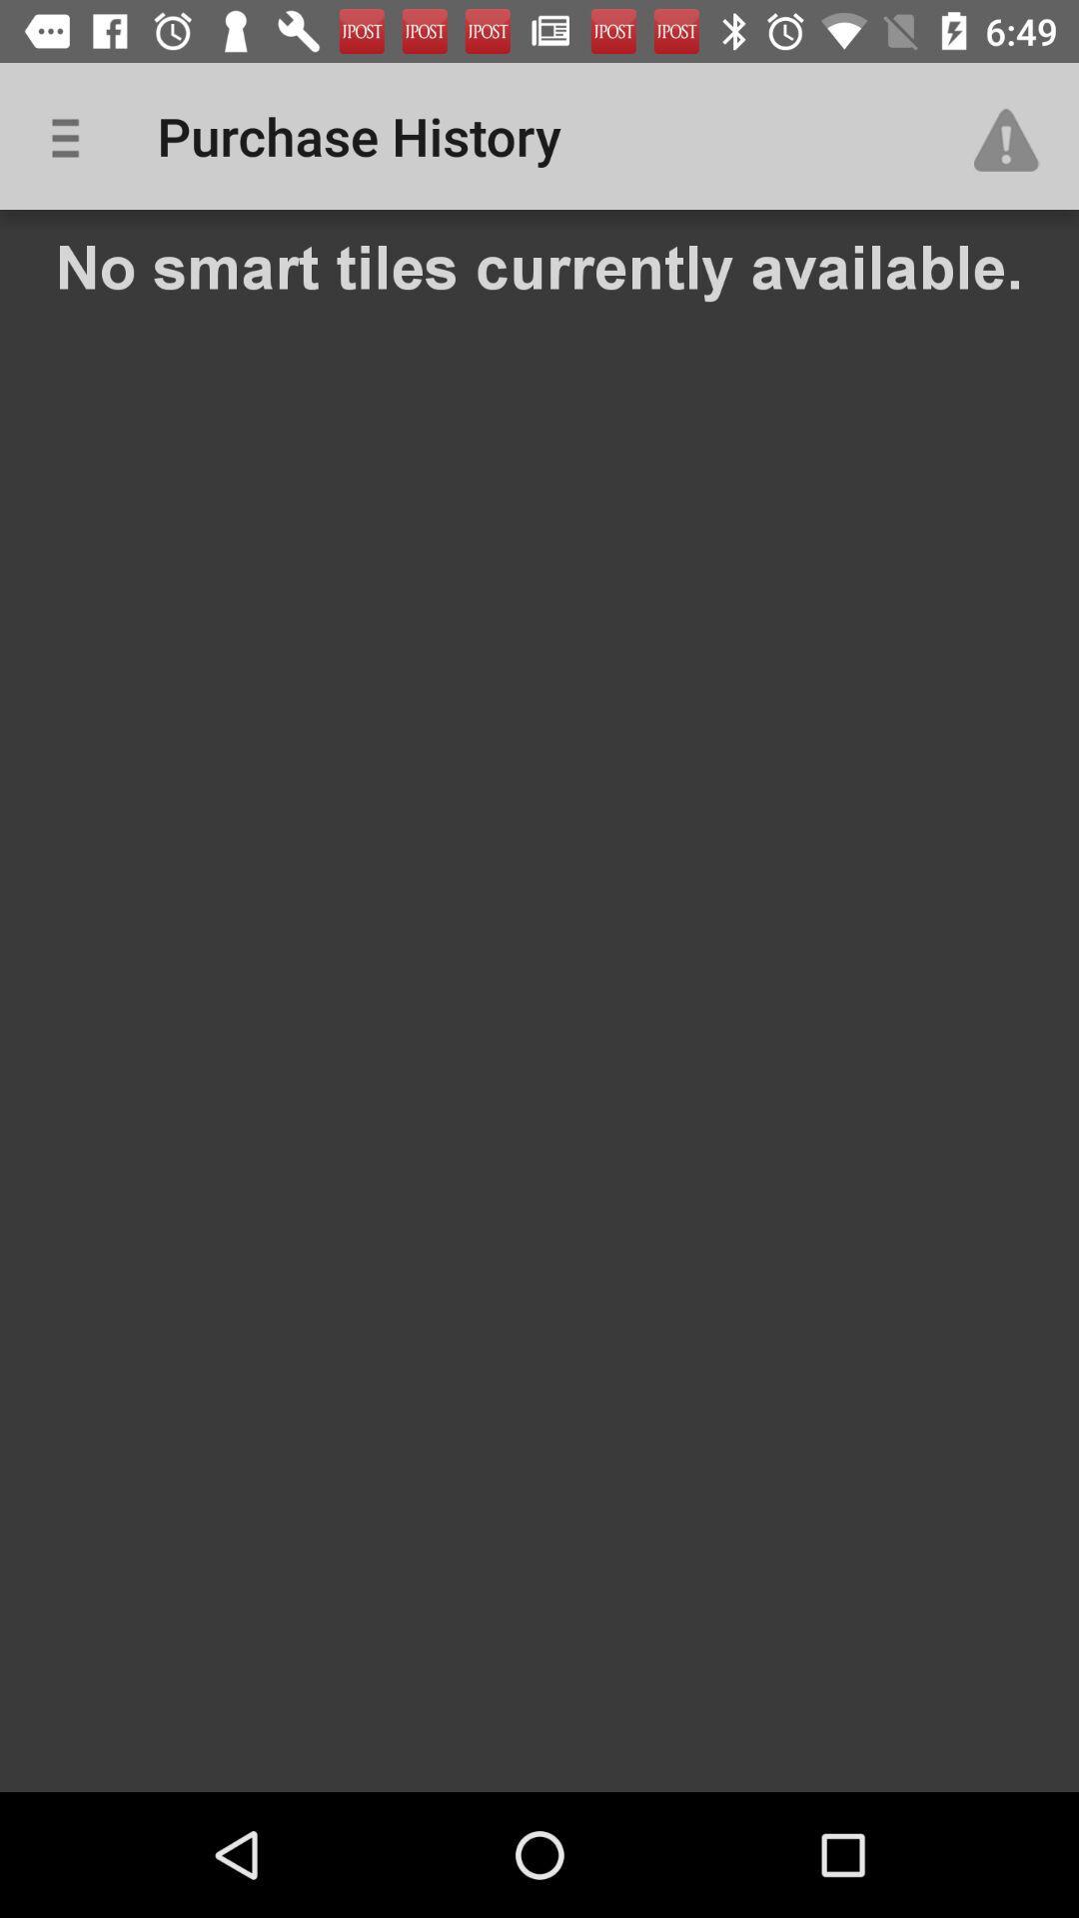 The width and height of the screenshot is (1079, 1918). What do you see at coordinates (1016, 135) in the screenshot?
I see `app to the right of the purchase history icon` at bounding box center [1016, 135].